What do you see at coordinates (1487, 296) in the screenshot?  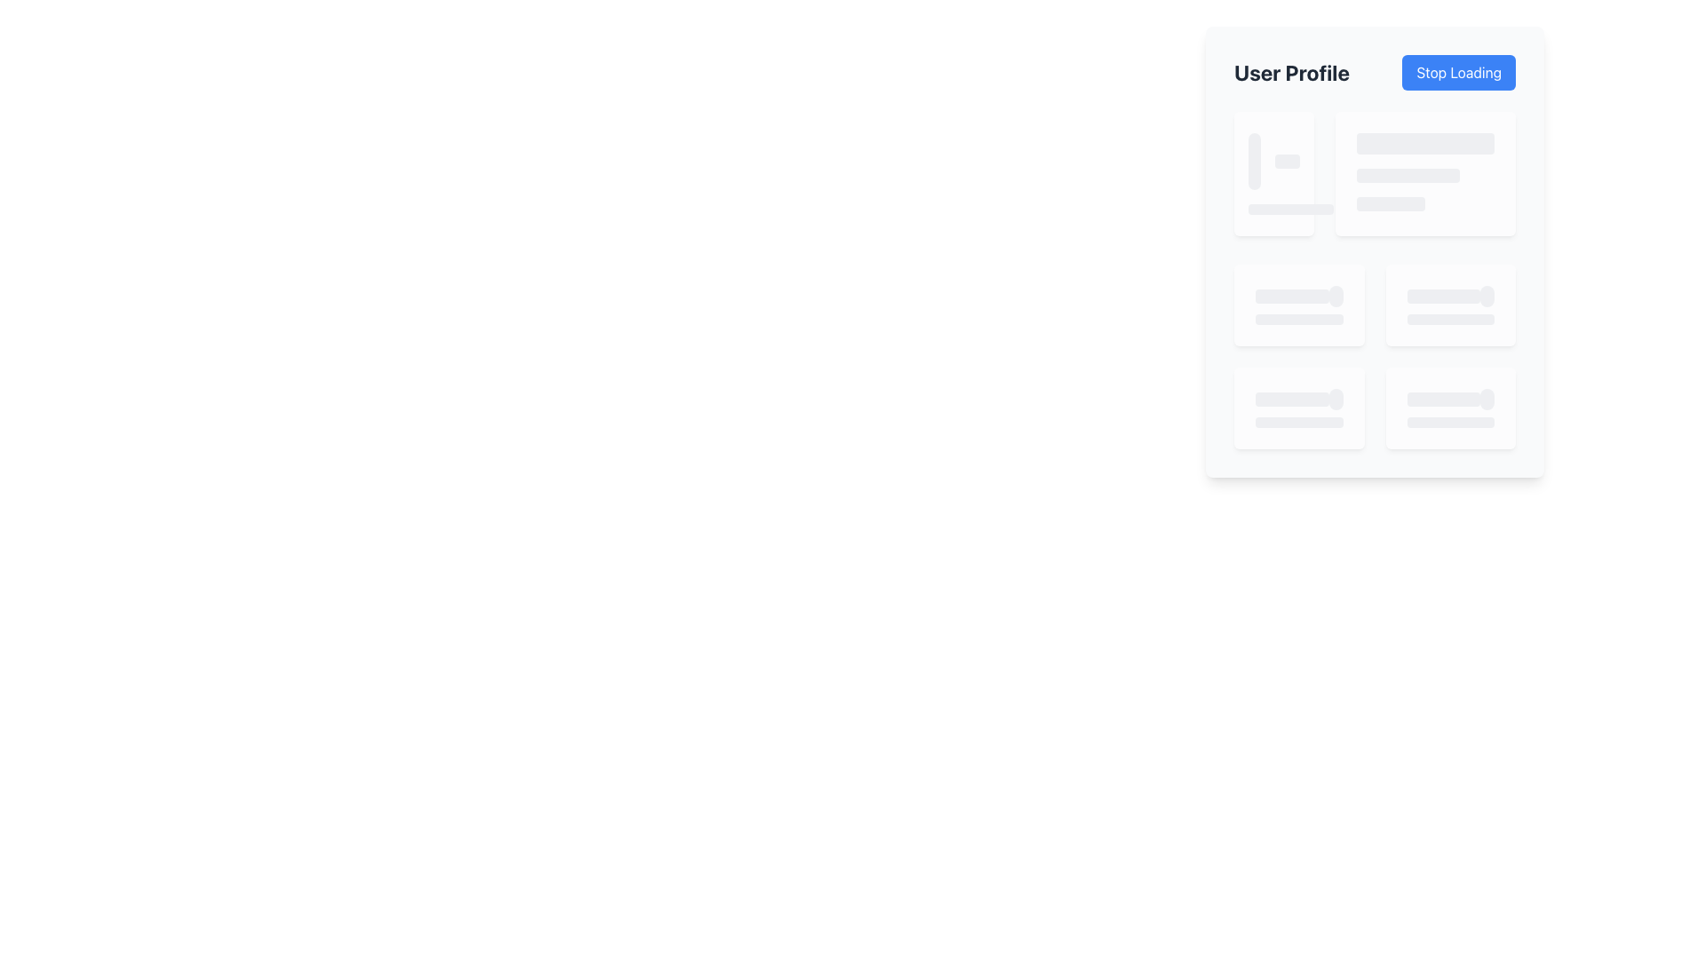 I see `the small gray circle located within the lower right section of the 'User Profile' card interface, positioned to the right of a longer rectangular sibling element` at bounding box center [1487, 296].